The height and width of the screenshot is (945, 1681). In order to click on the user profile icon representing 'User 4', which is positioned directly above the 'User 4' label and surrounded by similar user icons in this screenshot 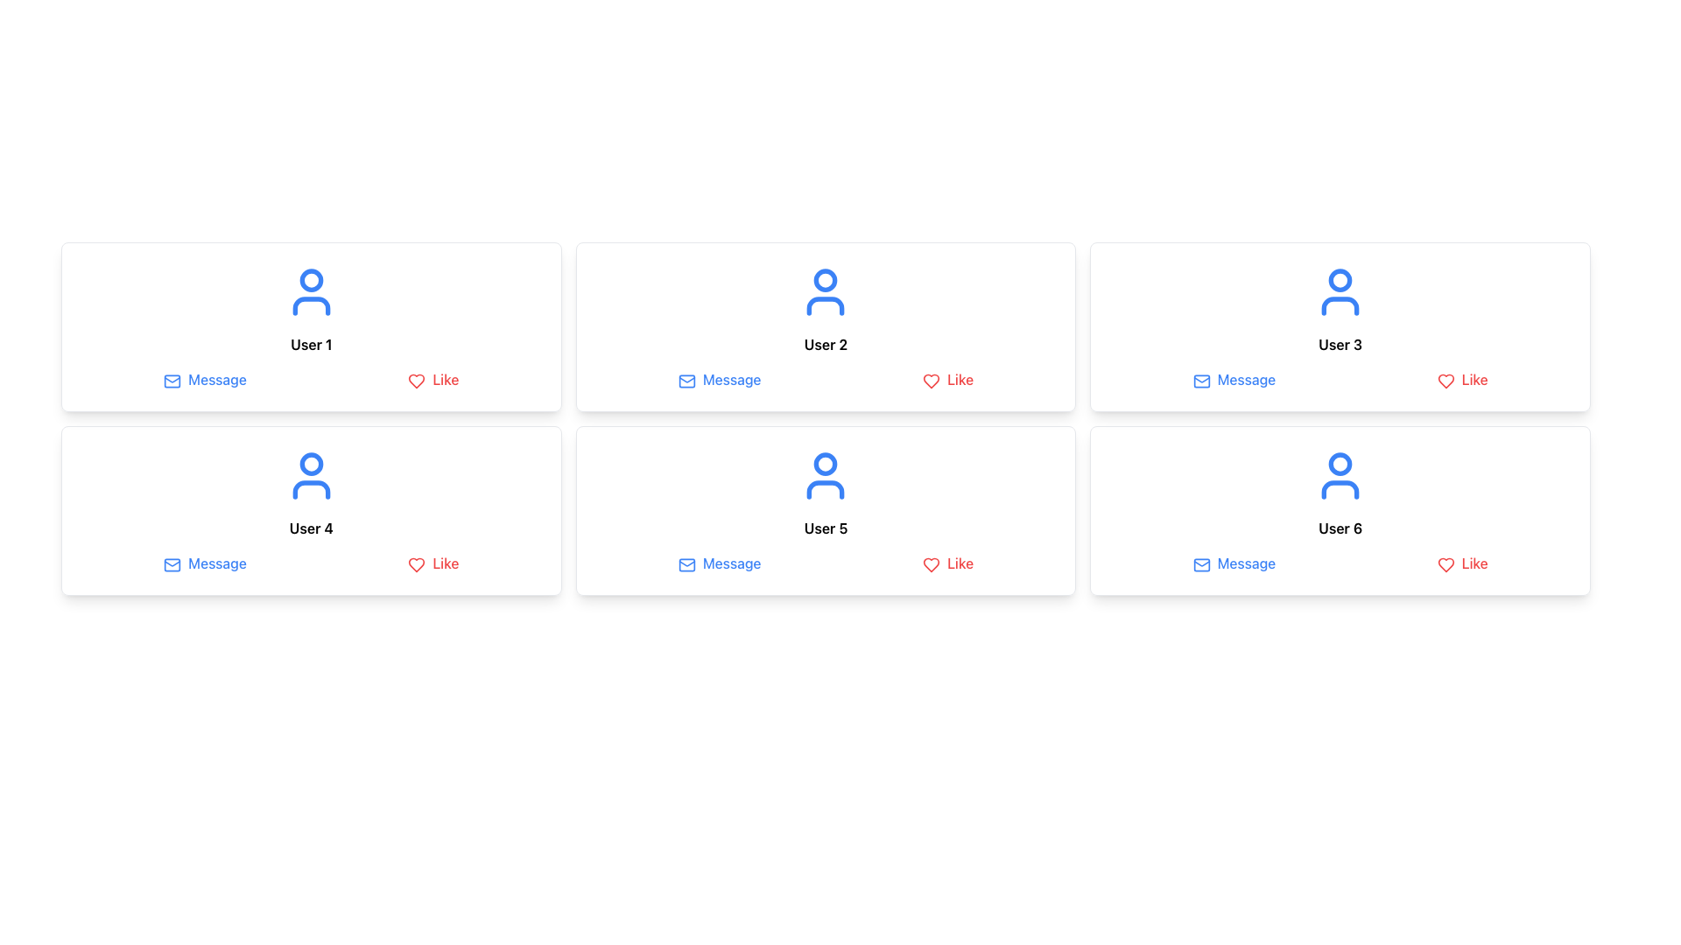, I will do `click(311, 475)`.